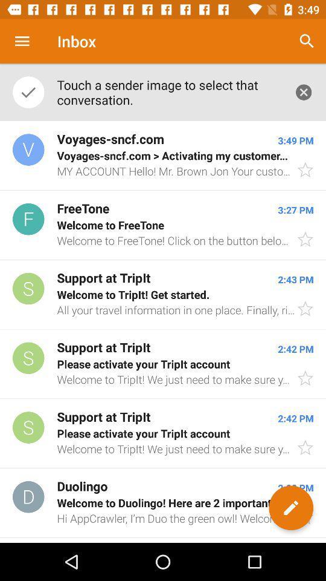 The width and height of the screenshot is (326, 581). Describe the element at coordinates (168, 91) in the screenshot. I see `the app below the inbox item` at that location.